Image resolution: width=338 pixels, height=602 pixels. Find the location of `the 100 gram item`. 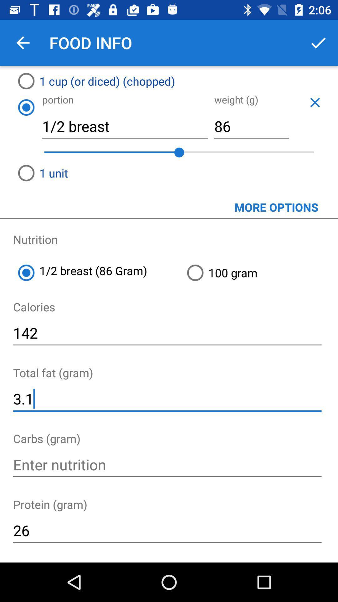

the 100 gram item is located at coordinates (260, 272).